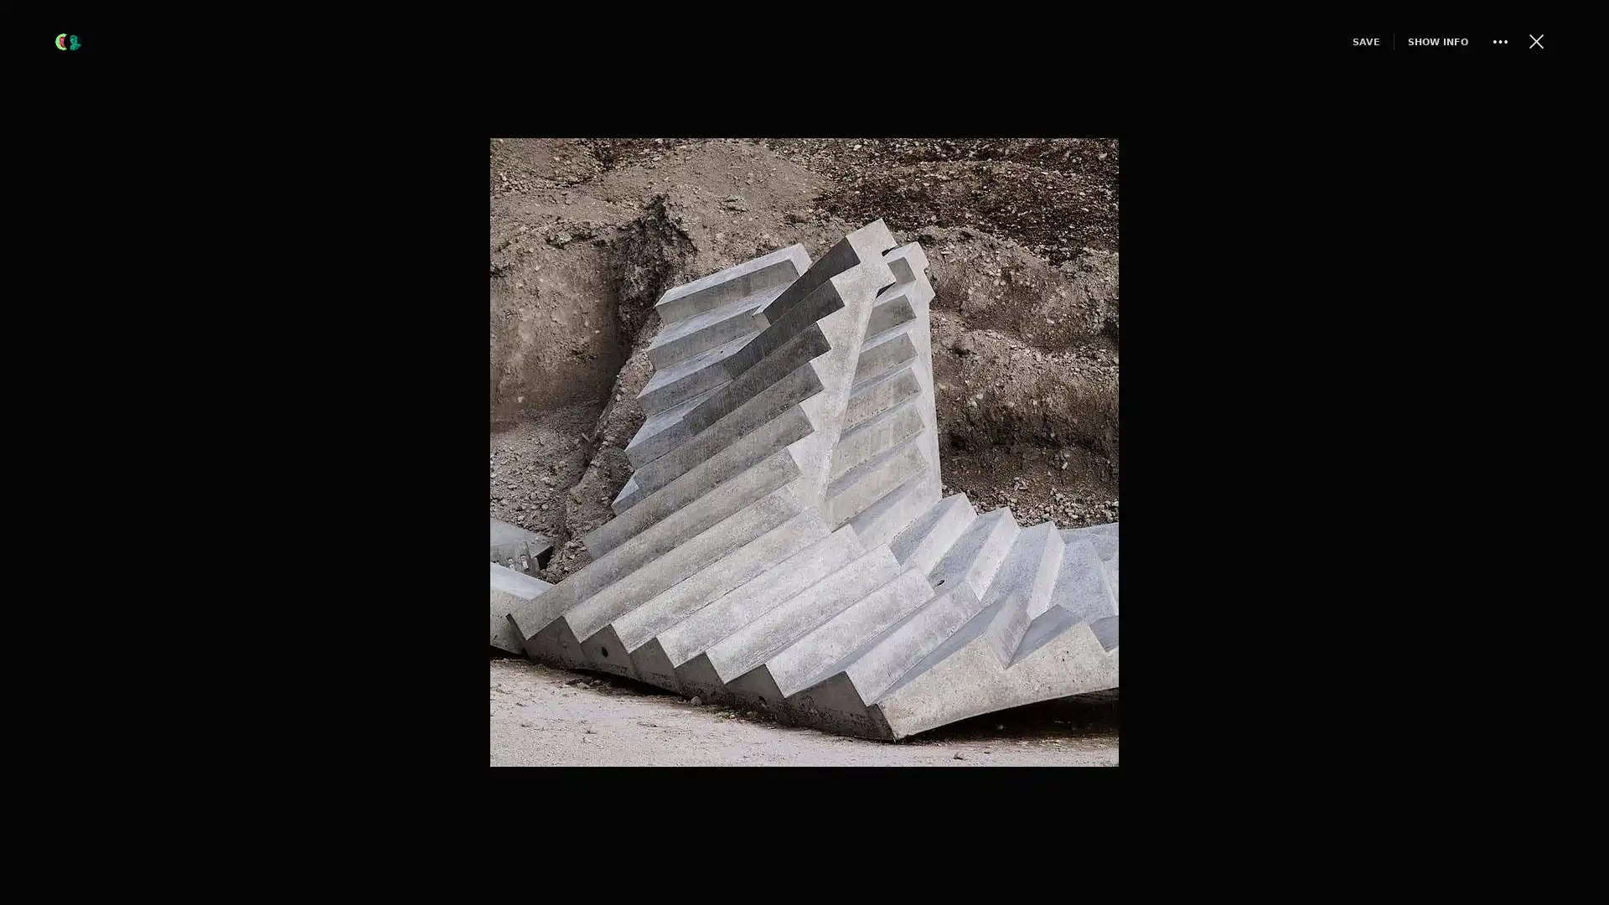 Image resolution: width=1609 pixels, height=905 pixels. I want to click on SHOW INFO, so click(1408, 40).